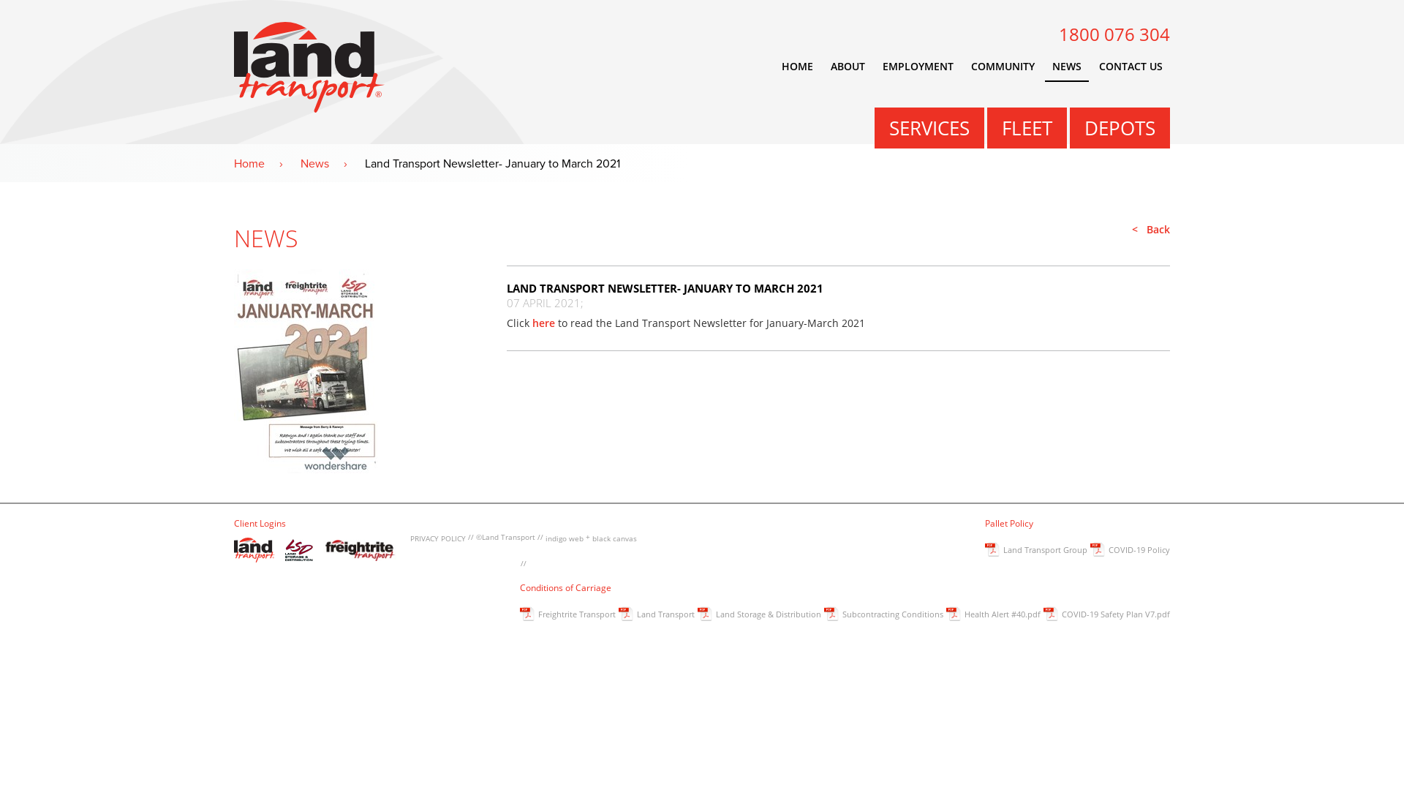 The image size is (1404, 790). Describe the element at coordinates (1119, 127) in the screenshot. I see `'DEPOTS'` at that location.